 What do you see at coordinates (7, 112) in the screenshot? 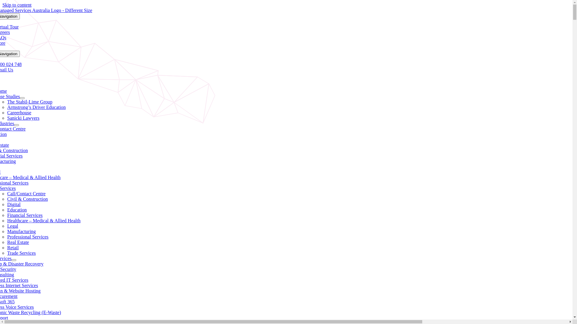
I see `'Careerhouse'` at bounding box center [7, 112].